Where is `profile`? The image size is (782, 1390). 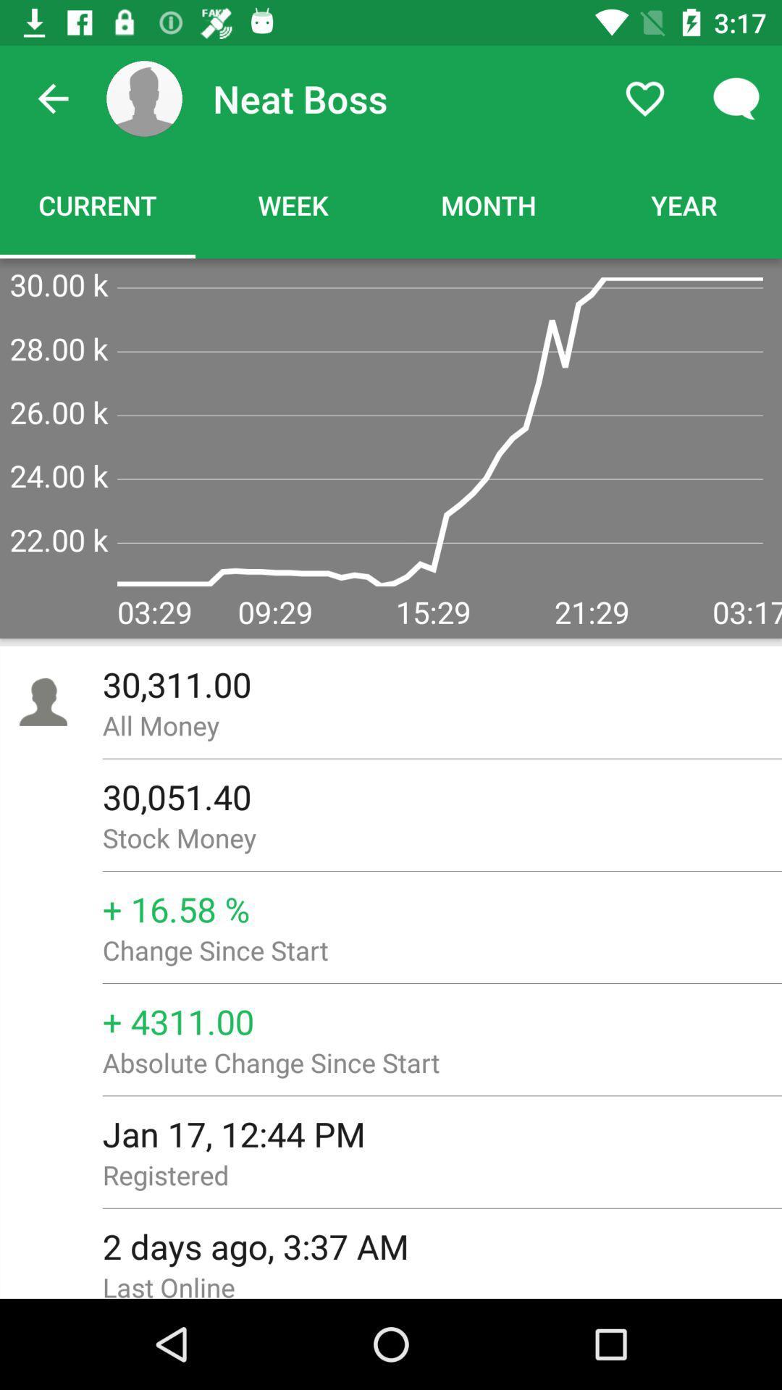
profile is located at coordinates (144, 98).